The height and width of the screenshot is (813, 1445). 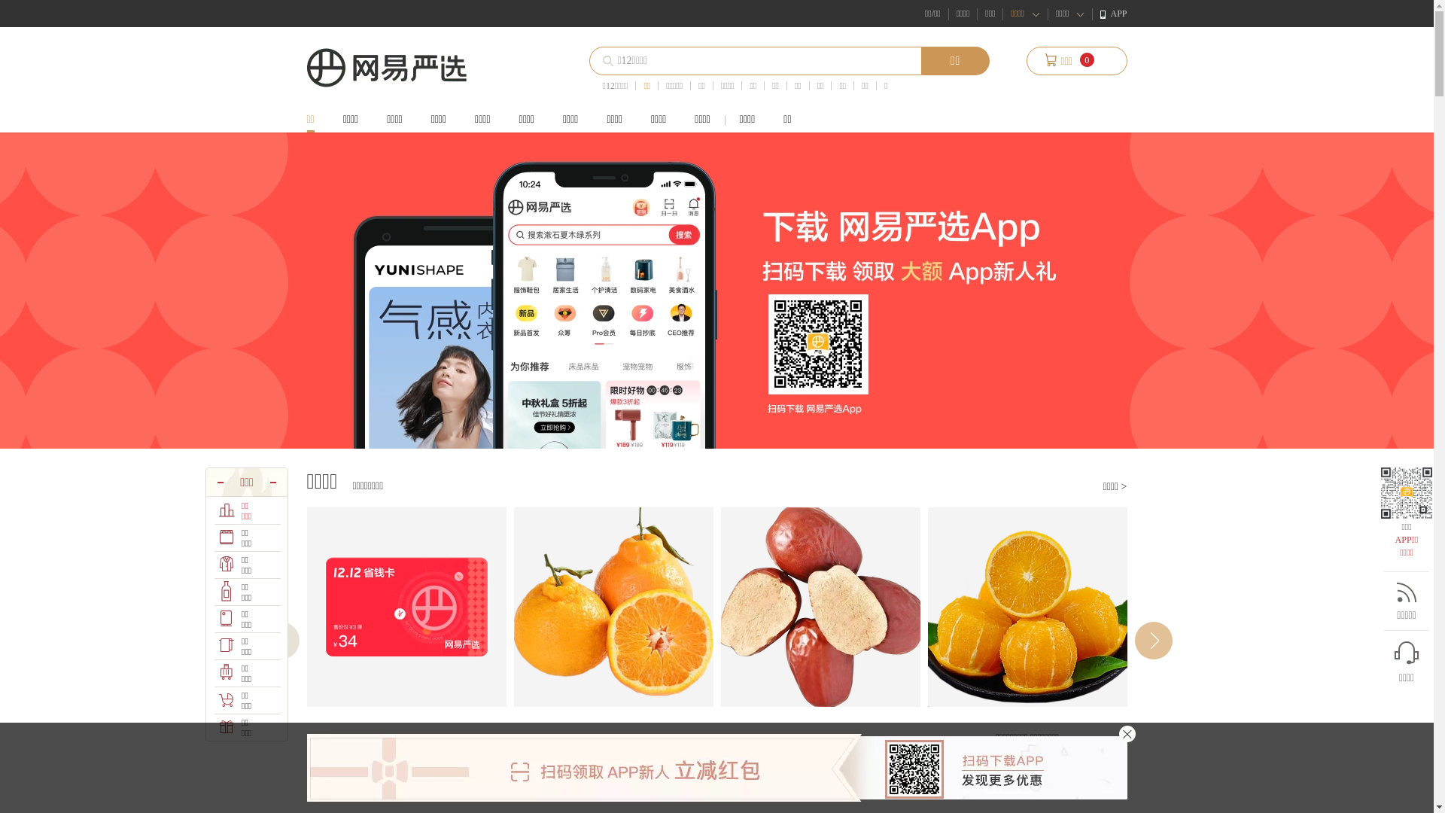 I want to click on 'APP', so click(x=1113, y=14).